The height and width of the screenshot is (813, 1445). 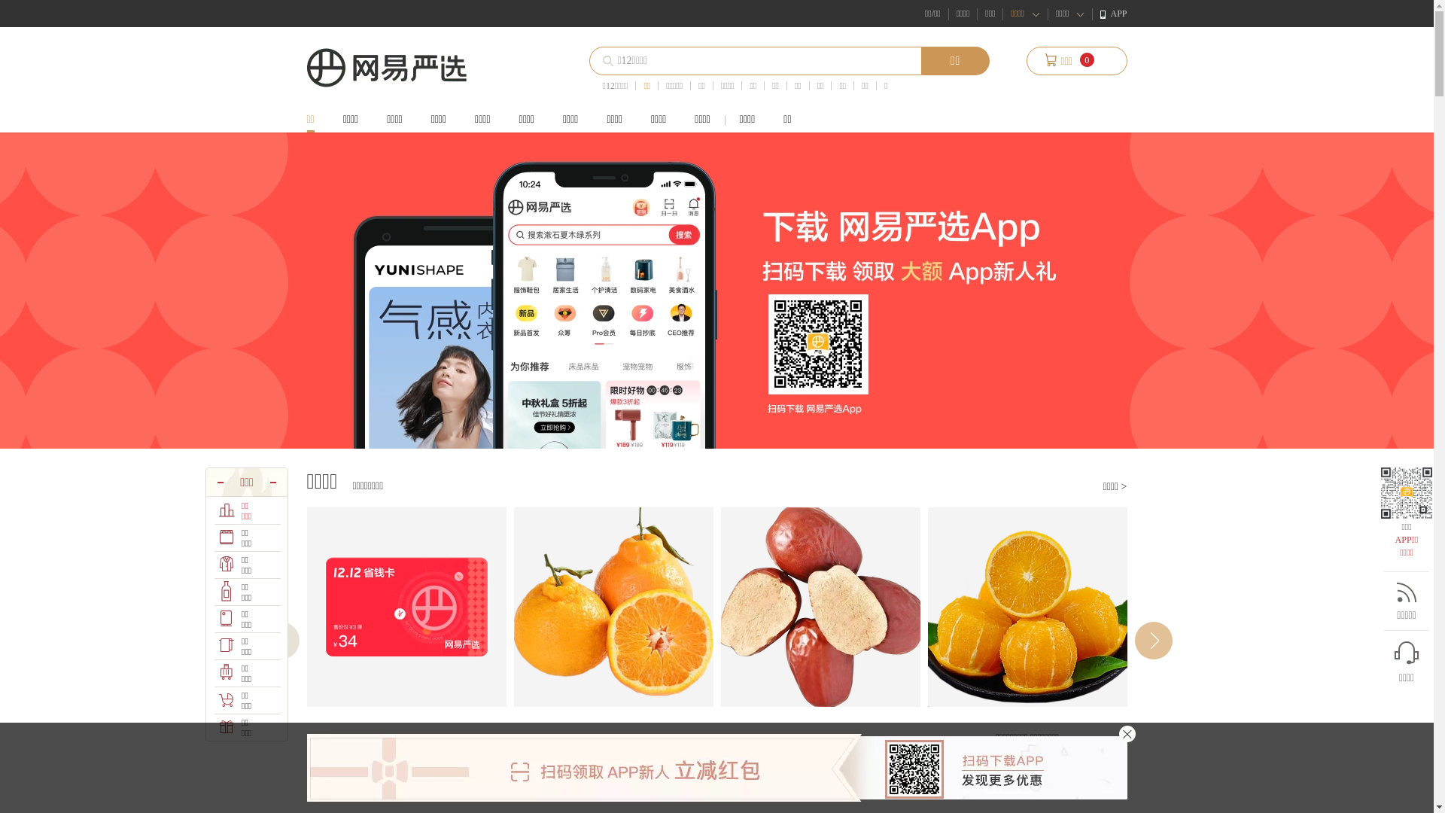 I want to click on 'APP', so click(x=1113, y=14).